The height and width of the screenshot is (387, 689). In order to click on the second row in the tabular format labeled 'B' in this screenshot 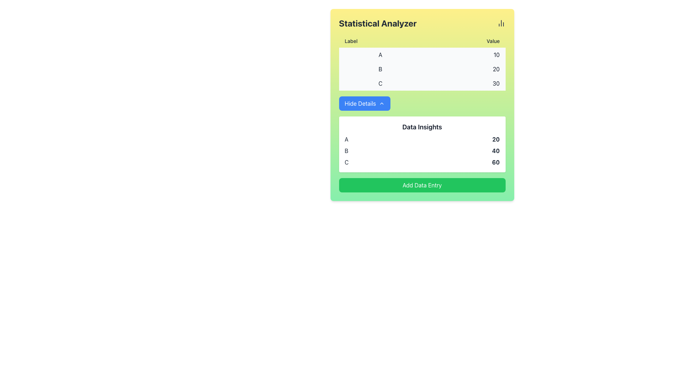, I will do `click(422, 69)`.